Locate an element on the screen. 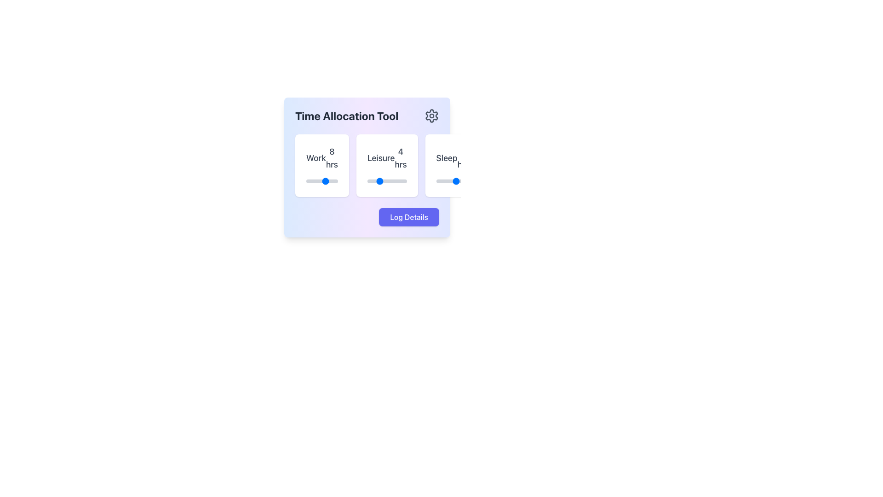 The width and height of the screenshot is (883, 497). the rightmost card in the group of text elements that details sleep allocation is located at coordinates (453, 157).